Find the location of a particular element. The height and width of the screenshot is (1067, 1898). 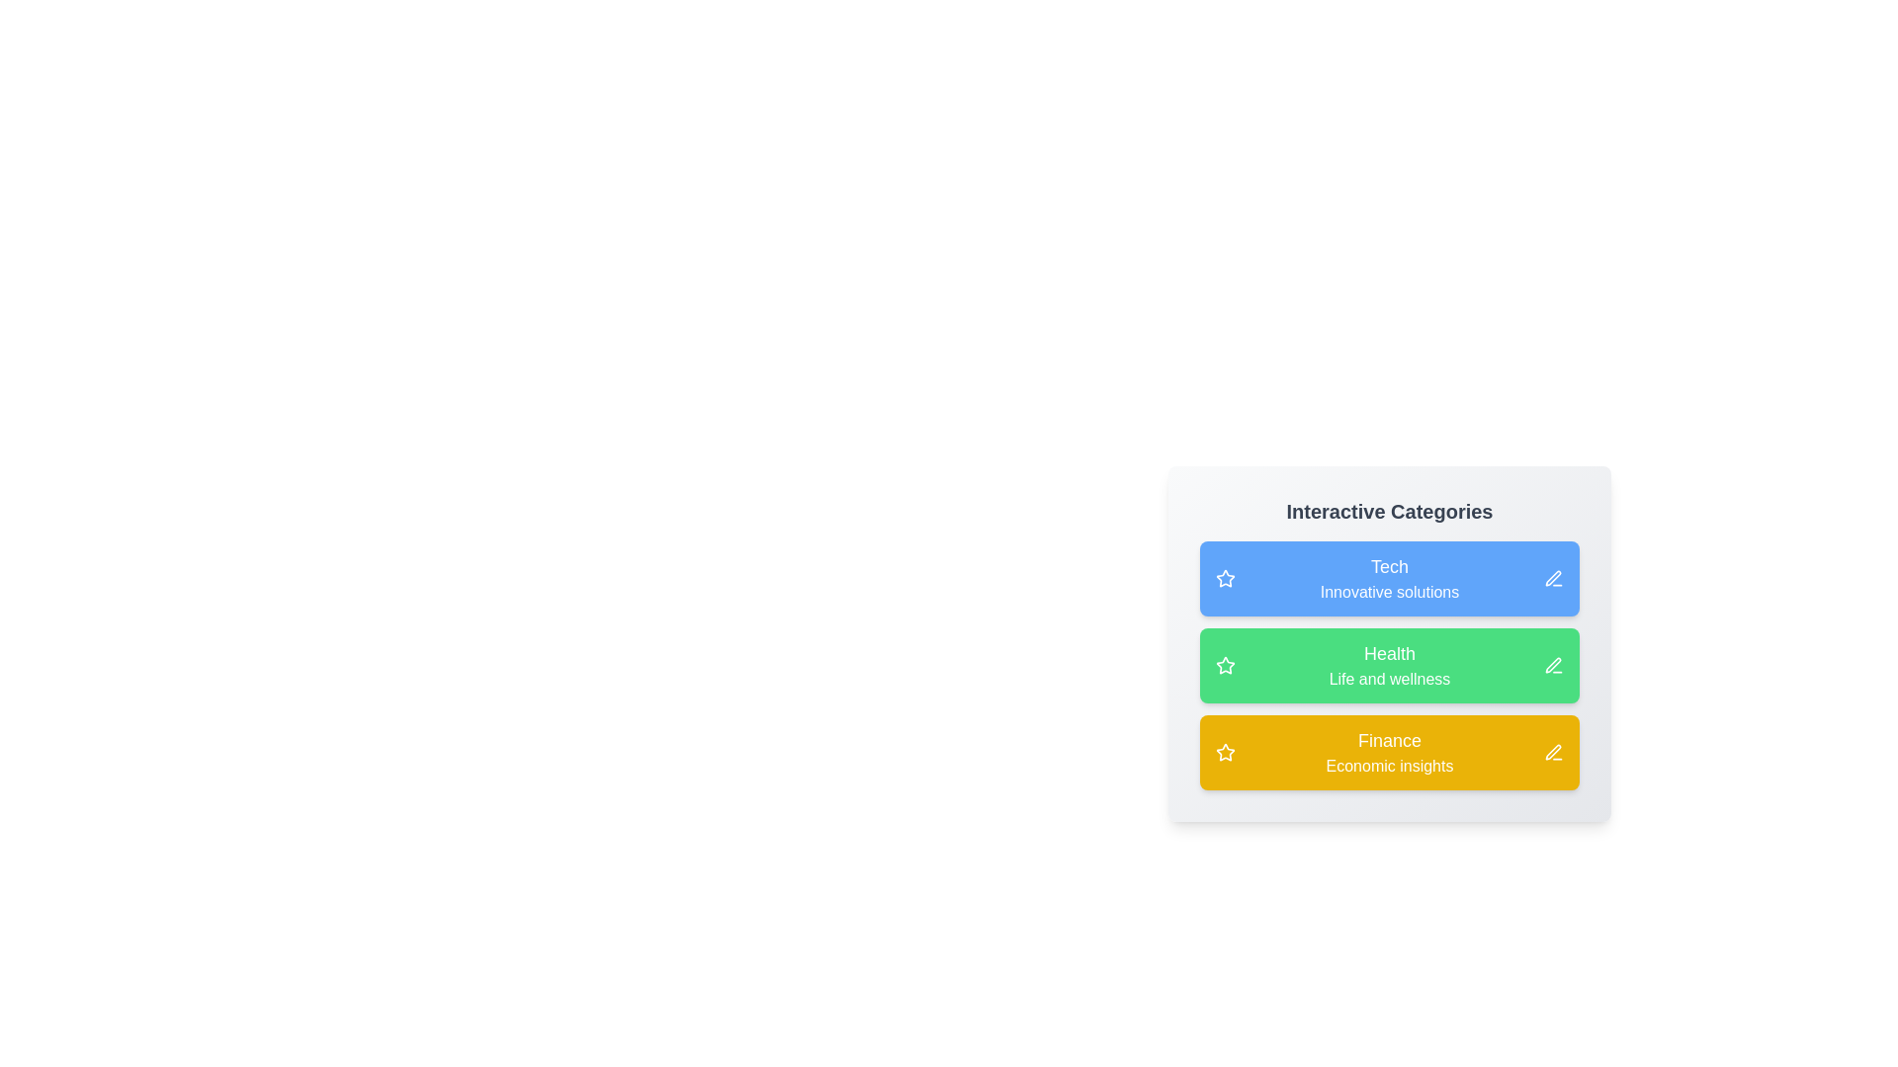

edit icon next to the category Finance is located at coordinates (1552, 753).